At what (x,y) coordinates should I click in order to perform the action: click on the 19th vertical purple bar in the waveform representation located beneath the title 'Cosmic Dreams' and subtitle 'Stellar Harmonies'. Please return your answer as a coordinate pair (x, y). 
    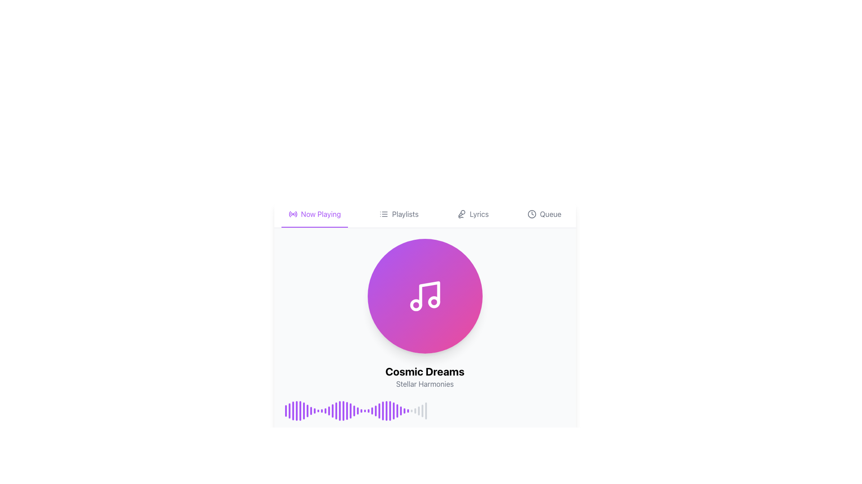
    Looking at the image, I should click on (350, 411).